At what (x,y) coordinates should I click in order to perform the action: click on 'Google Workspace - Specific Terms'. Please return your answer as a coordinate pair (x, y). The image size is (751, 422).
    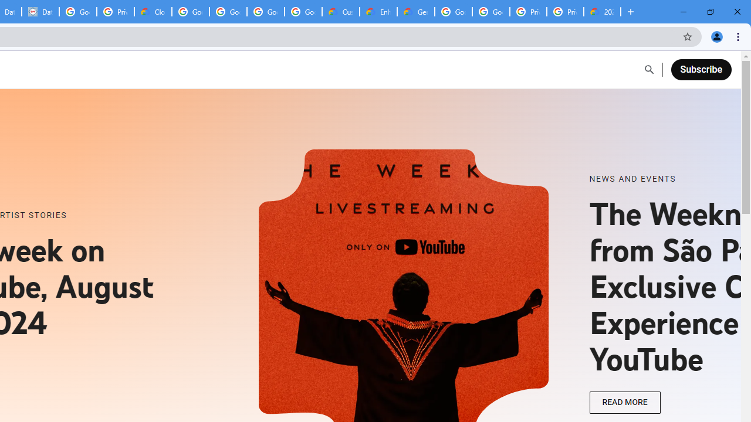
    Looking at the image, I should click on (303, 12).